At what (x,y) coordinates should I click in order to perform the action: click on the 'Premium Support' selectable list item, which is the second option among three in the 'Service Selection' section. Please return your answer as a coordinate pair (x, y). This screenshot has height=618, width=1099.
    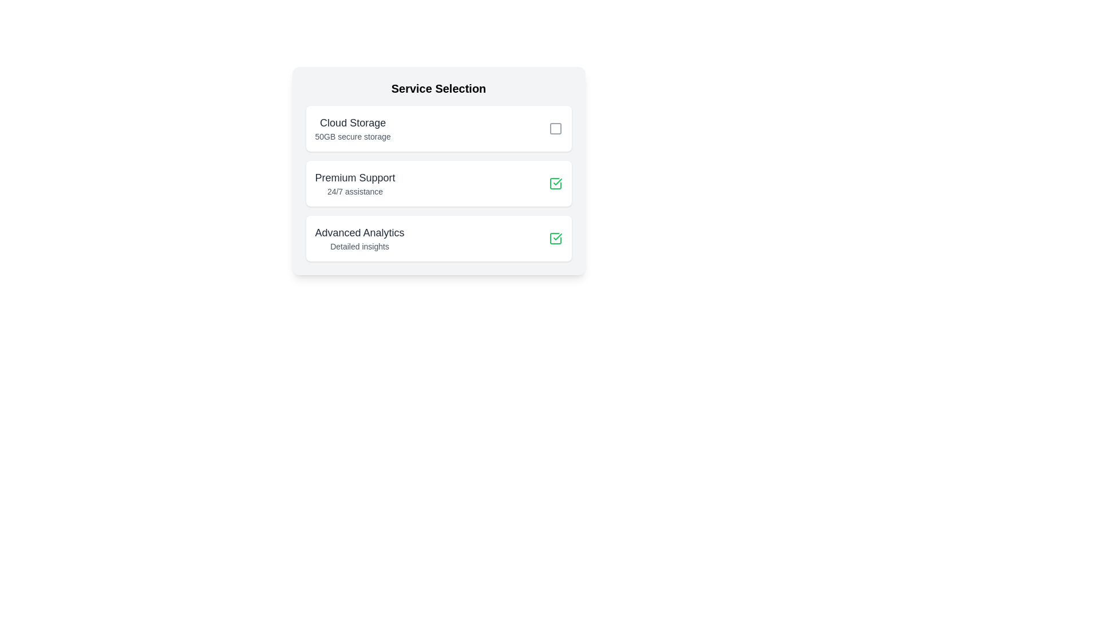
    Looking at the image, I should click on (438, 183).